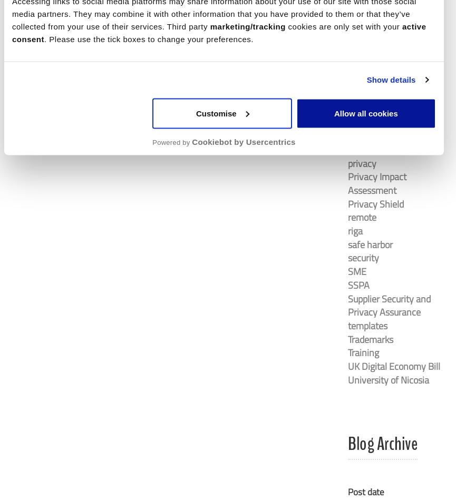 The height and width of the screenshot is (501, 456). I want to click on 'Nice Classes', so click(372, 68).